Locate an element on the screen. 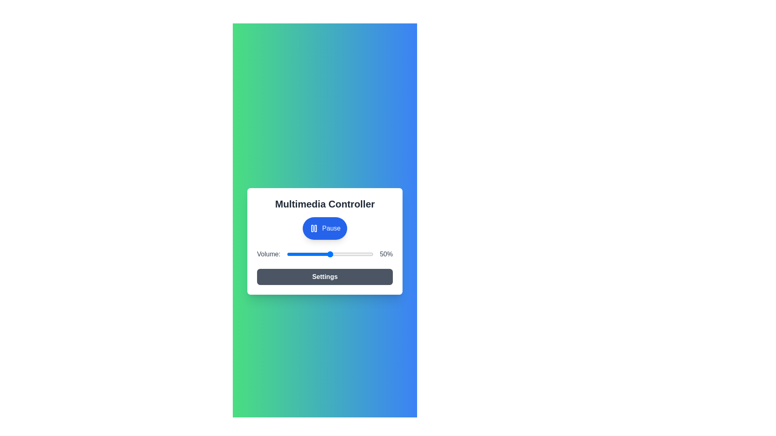  the 'Settings' button located at the bottom of the 'Multimedia Controller' card is located at coordinates (325, 277).